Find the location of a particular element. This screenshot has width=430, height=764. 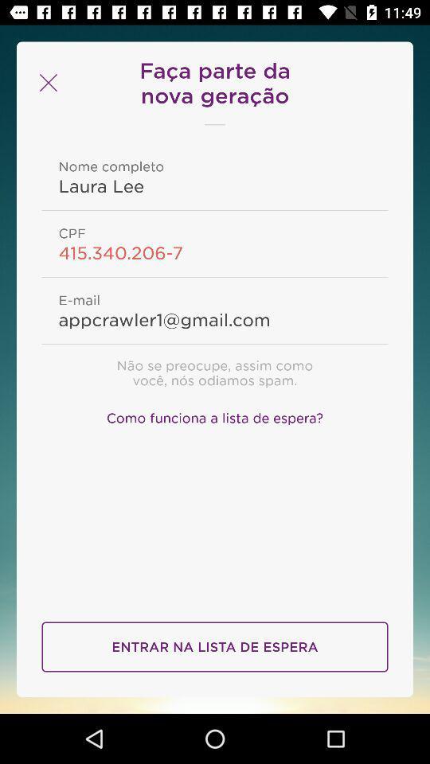

appcrawler1@gmail.com icon is located at coordinates (215, 318).